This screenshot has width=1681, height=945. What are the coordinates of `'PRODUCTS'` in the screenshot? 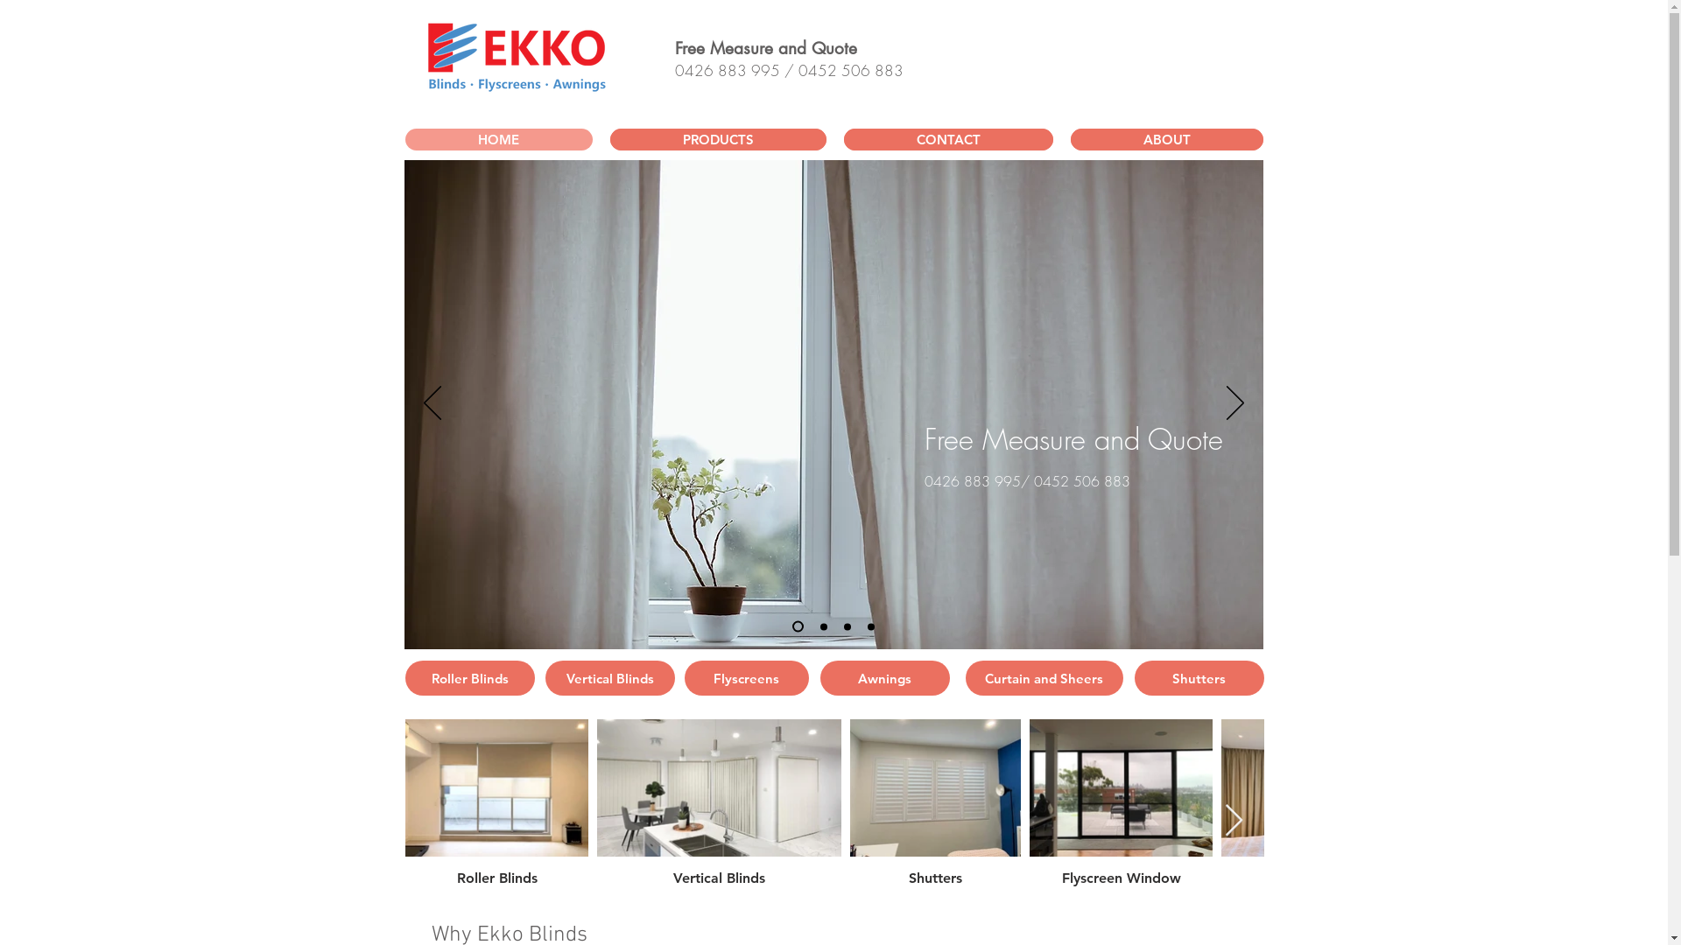 It's located at (717, 138).